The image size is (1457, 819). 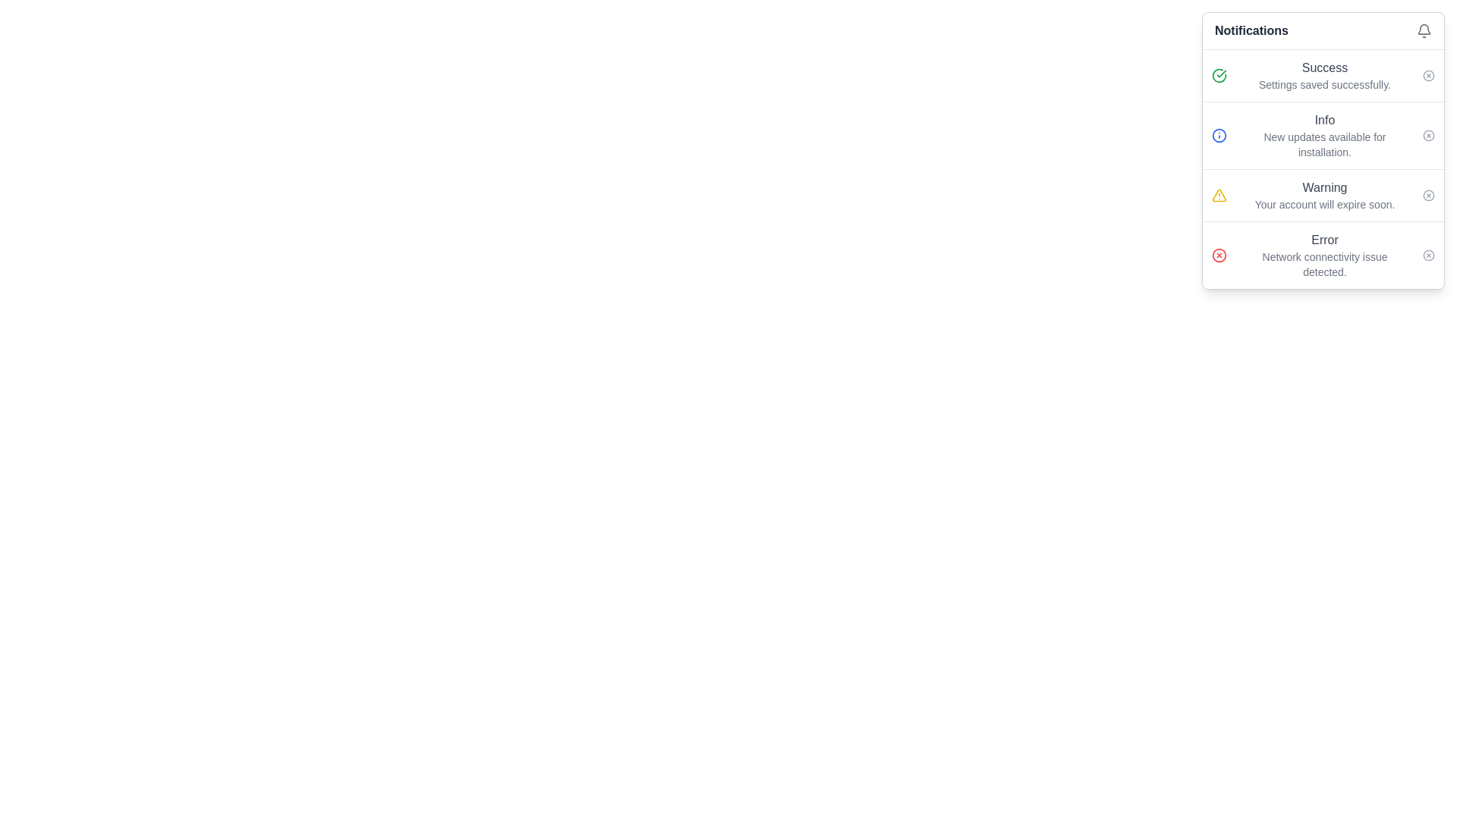 What do you see at coordinates (1322, 254) in the screenshot?
I see `the Notification item titled 'Error' which indicates a 'Network connectivity issue detected.'` at bounding box center [1322, 254].